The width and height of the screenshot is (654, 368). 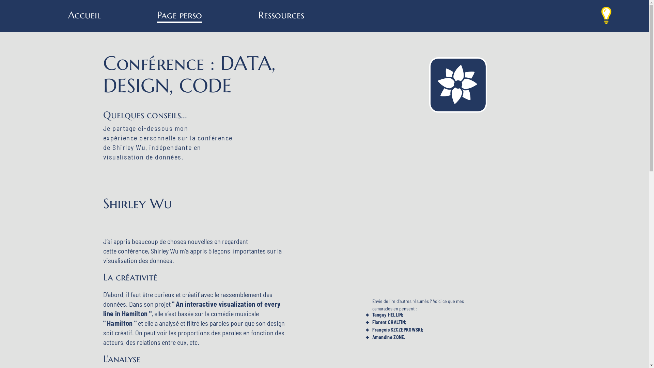 I want to click on 'Ressources', so click(x=281, y=16).